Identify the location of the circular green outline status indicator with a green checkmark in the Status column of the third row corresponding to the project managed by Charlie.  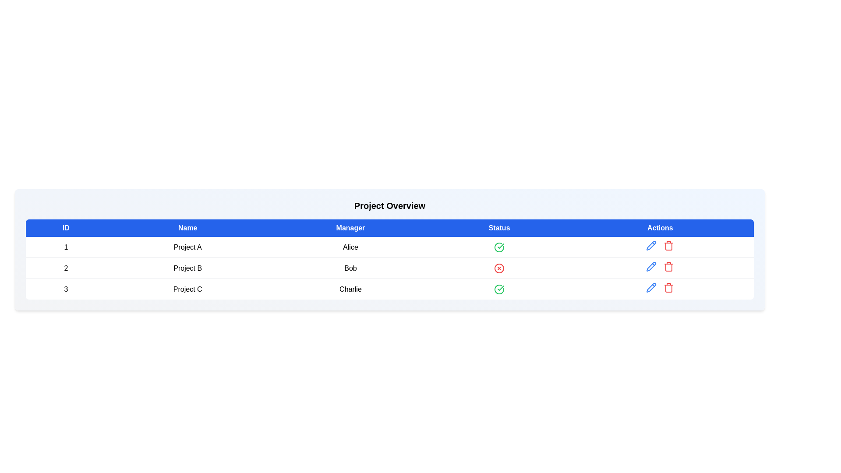
(499, 289).